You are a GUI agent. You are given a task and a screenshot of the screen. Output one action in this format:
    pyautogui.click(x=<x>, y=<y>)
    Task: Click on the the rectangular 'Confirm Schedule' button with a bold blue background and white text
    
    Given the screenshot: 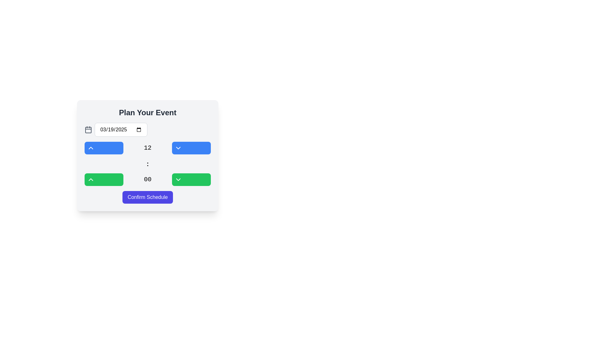 What is the action you would take?
    pyautogui.click(x=147, y=197)
    